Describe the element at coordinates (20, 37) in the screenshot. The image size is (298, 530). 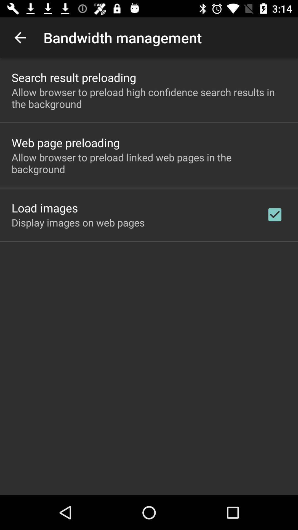
I see `the app above the search result preloading icon` at that location.